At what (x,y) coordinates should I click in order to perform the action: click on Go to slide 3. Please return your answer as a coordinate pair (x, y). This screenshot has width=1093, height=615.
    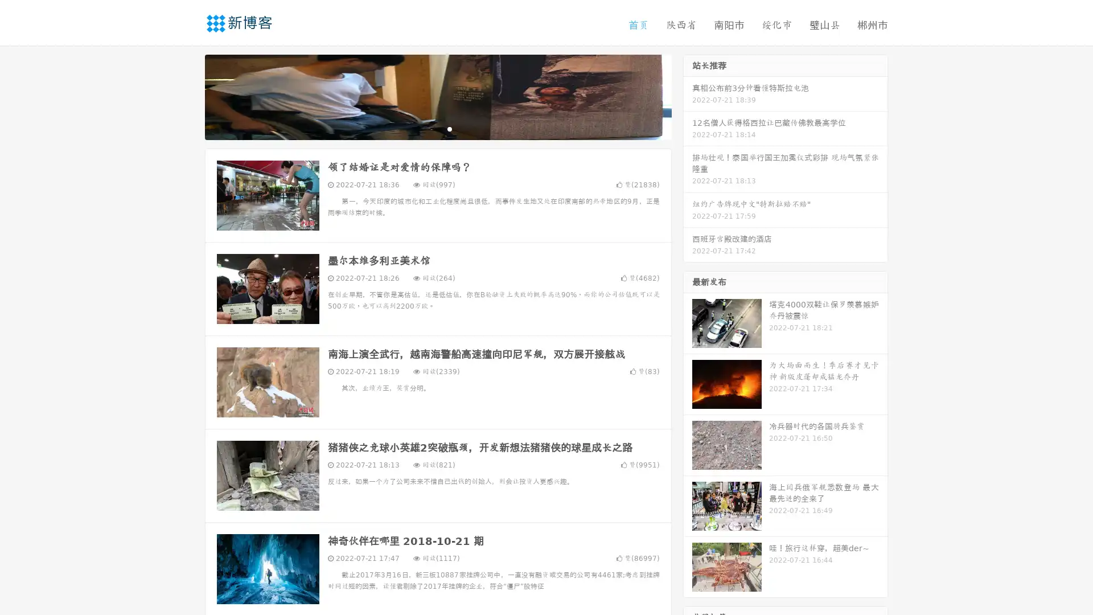
    Looking at the image, I should click on (449, 128).